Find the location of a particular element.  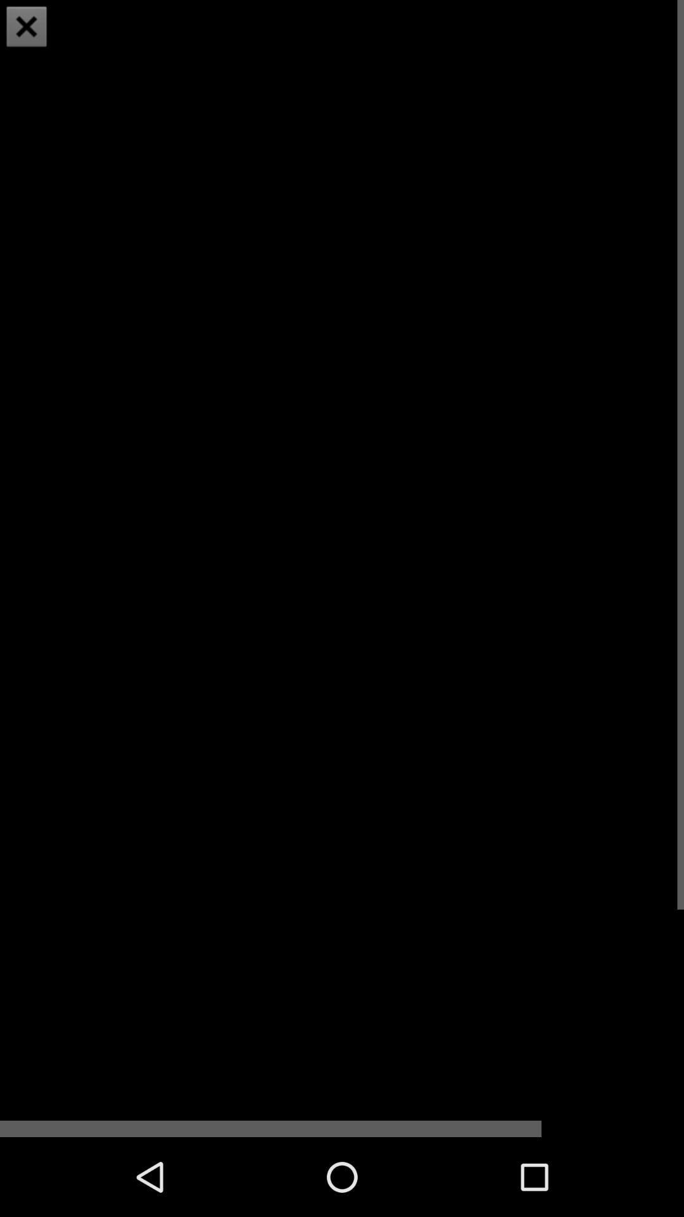

item at the center is located at coordinates (342, 568).